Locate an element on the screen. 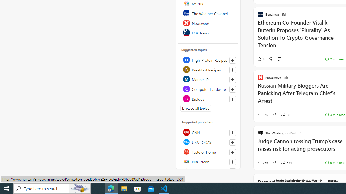  'Follow this source' is located at coordinates (232, 171).